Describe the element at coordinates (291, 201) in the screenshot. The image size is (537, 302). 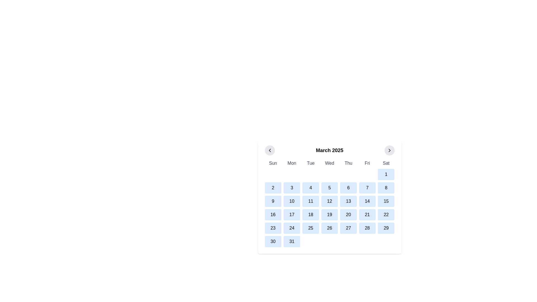
I see `the interactive calendar day button for the 10th day of the month, located in the second week row of the calendar grid, specifically the second cell from the left` at that location.